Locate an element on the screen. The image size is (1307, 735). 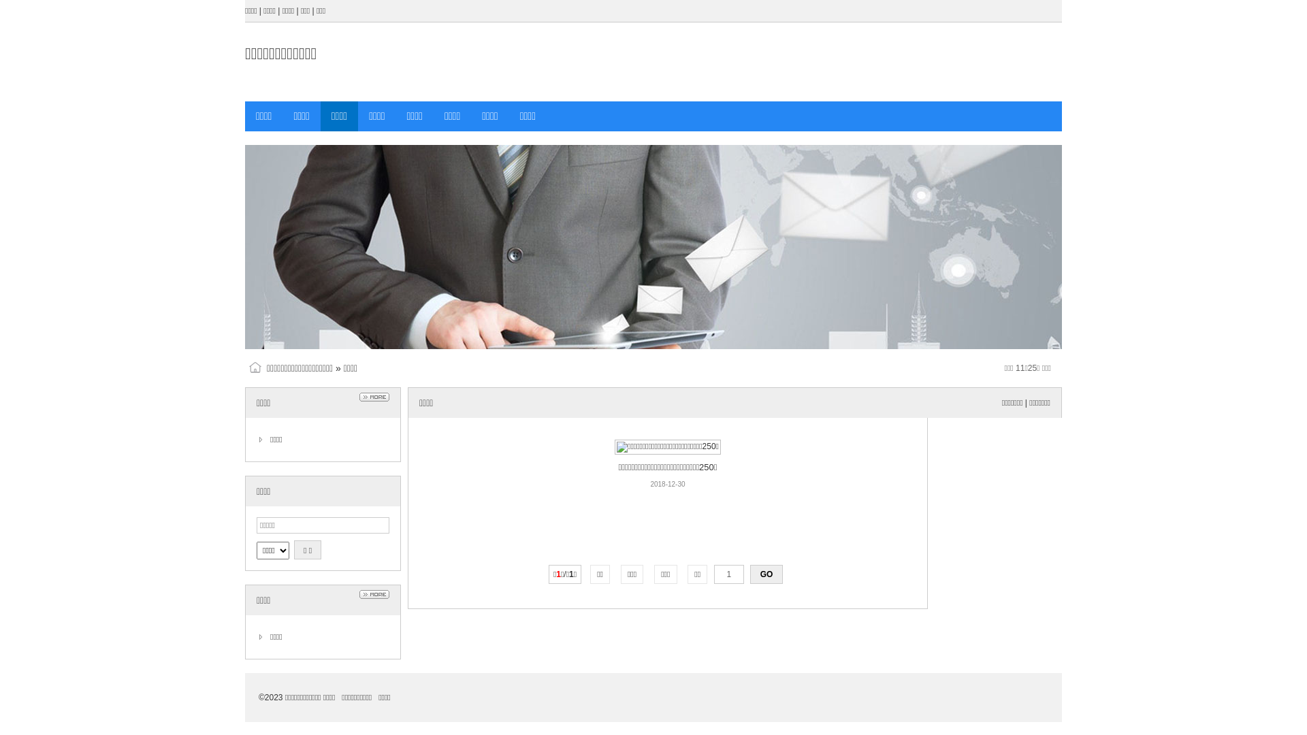
'GO' is located at coordinates (767, 574).